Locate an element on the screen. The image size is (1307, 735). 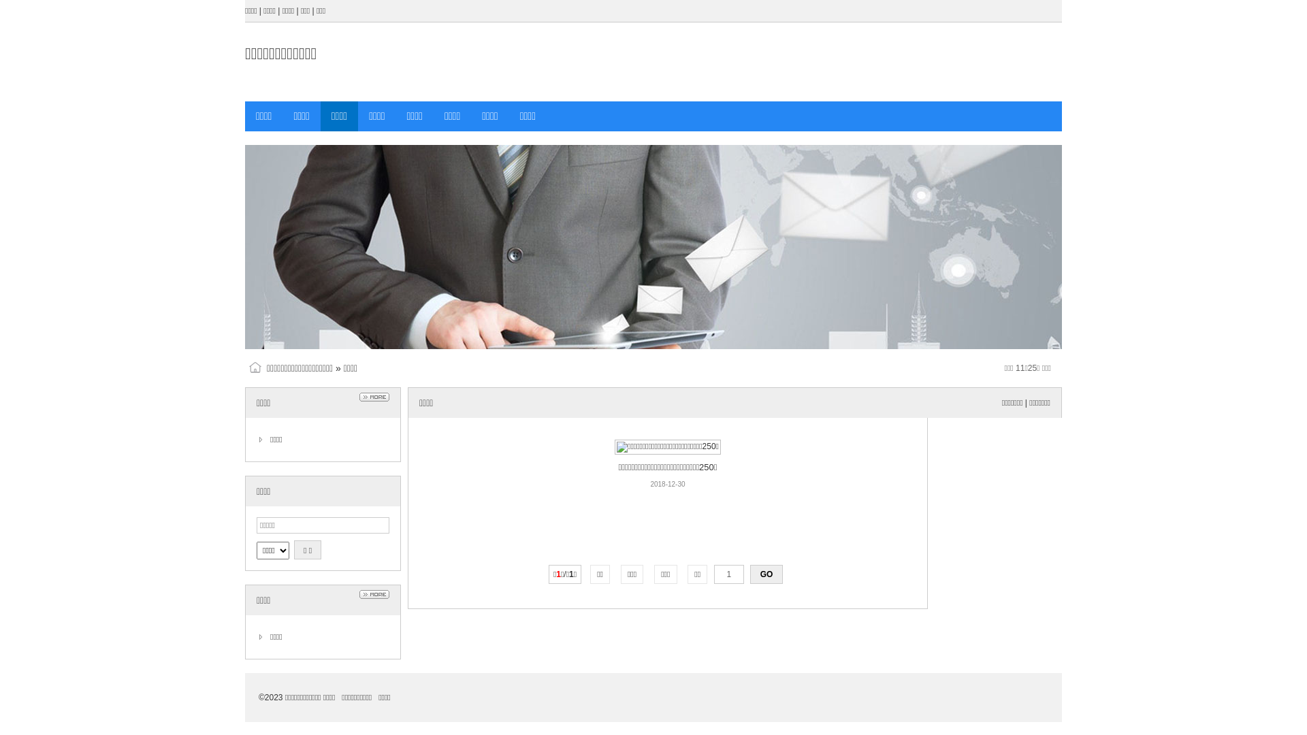
'GO' is located at coordinates (767, 574).